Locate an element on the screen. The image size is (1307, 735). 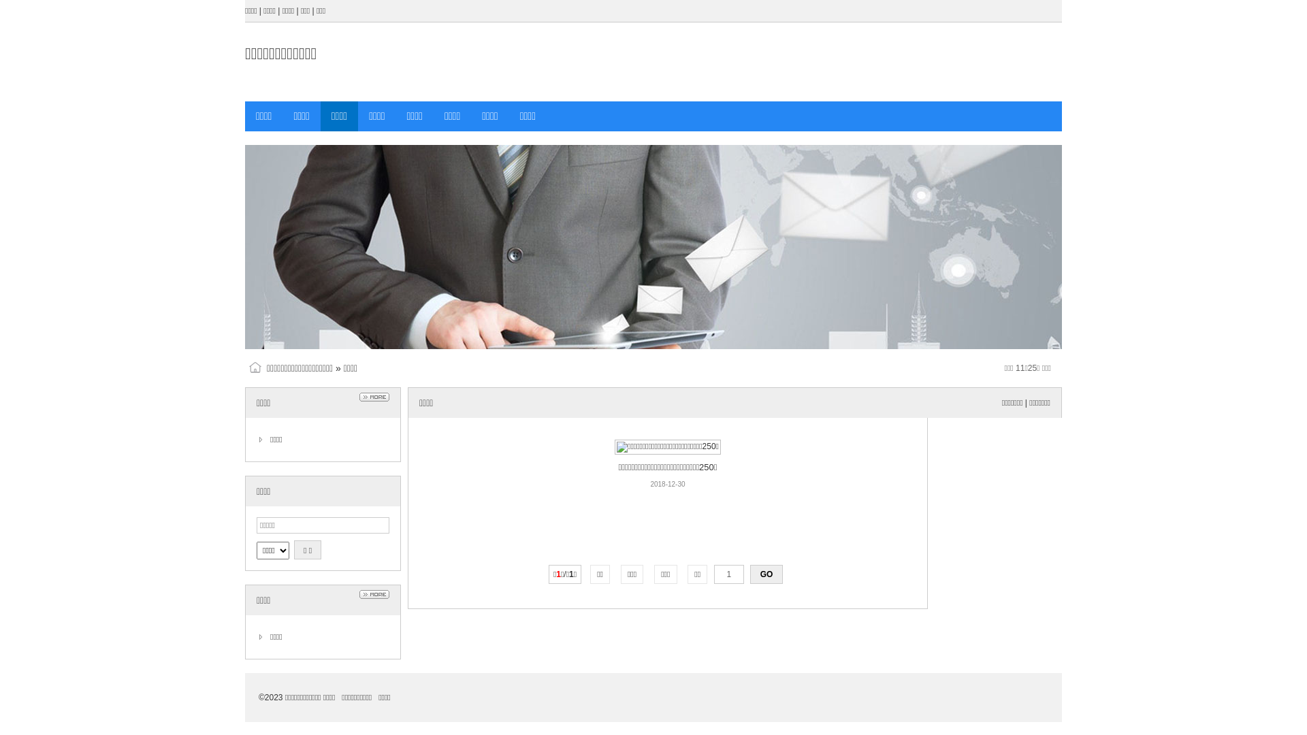
'GO' is located at coordinates (767, 574).